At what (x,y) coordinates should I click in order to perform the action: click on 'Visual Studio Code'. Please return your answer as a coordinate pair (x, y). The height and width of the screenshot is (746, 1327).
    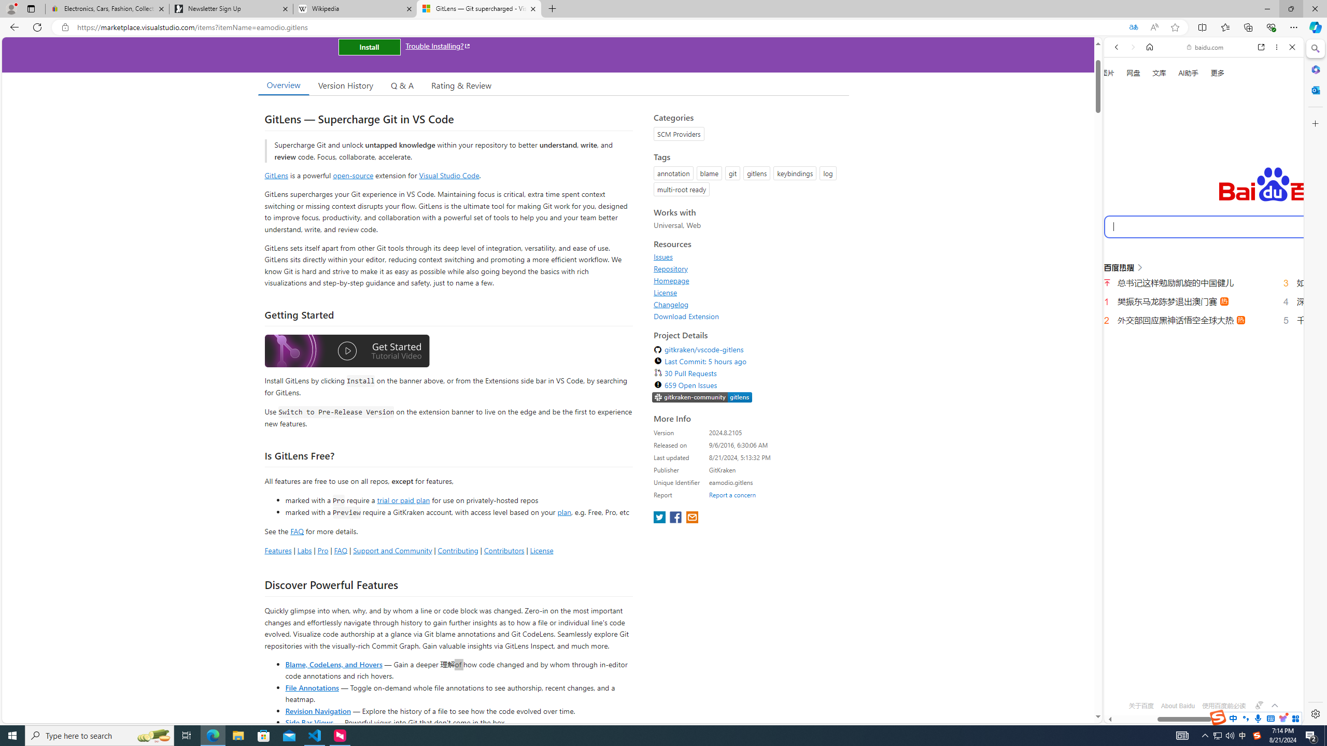
    Looking at the image, I should click on (448, 175).